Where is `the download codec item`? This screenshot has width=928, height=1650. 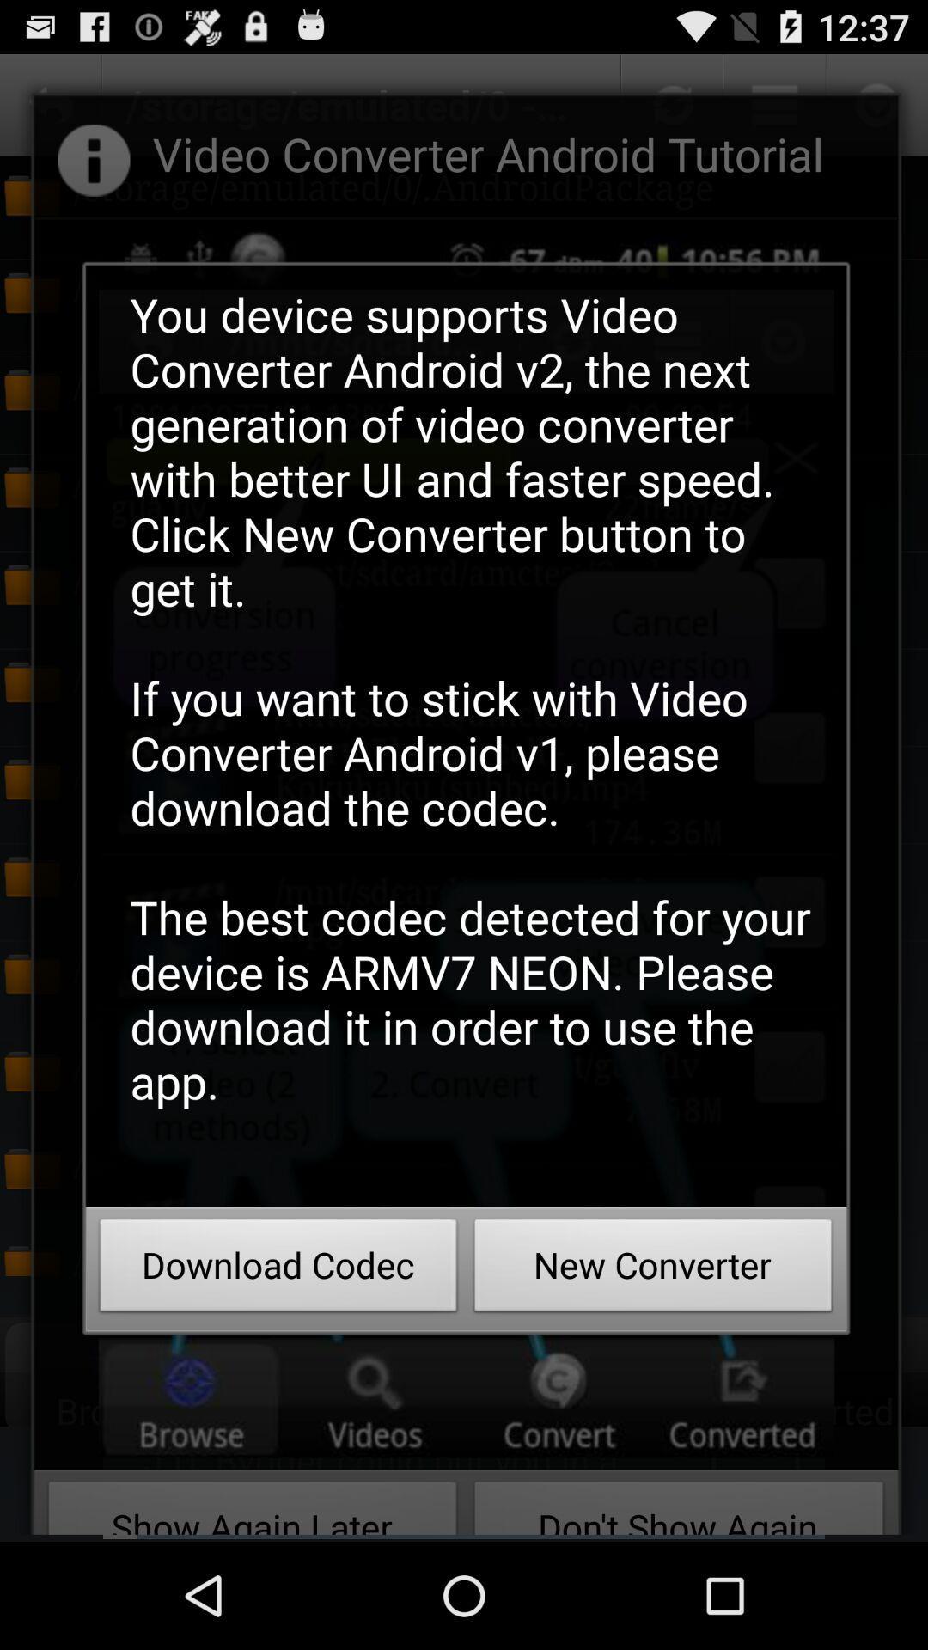
the download codec item is located at coordinates (278, 1270).